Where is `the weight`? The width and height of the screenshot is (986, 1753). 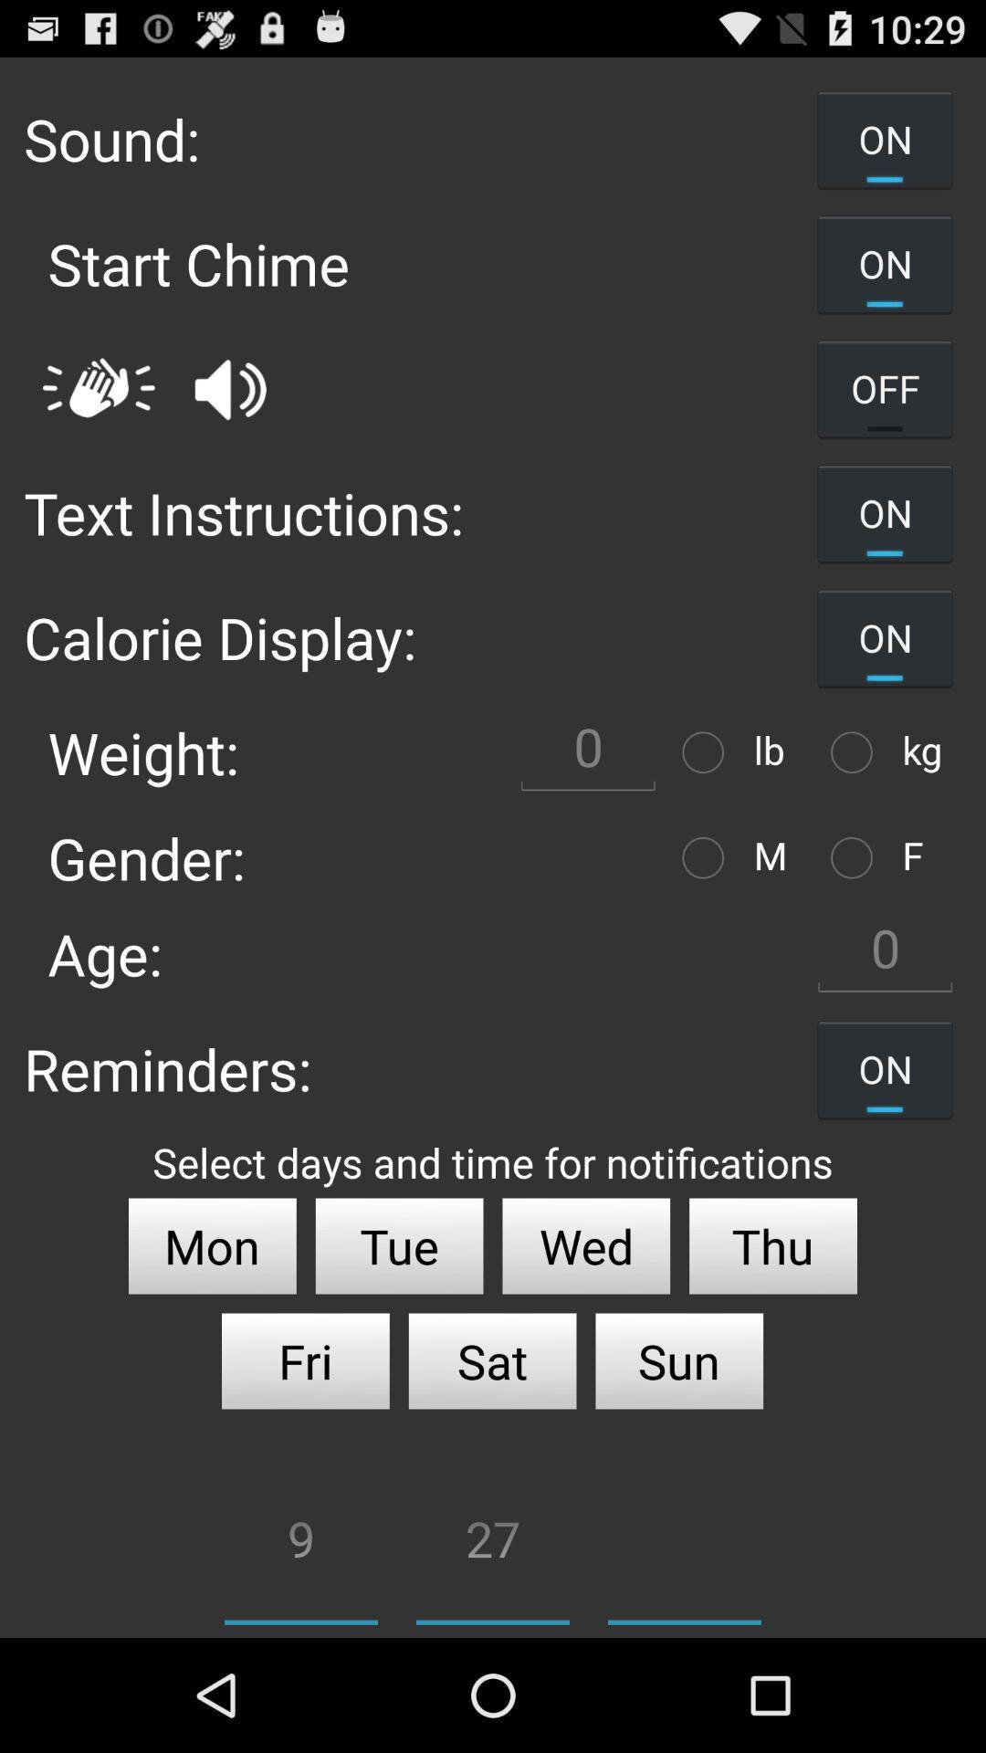
the weight is located at coordinates (588, 752).